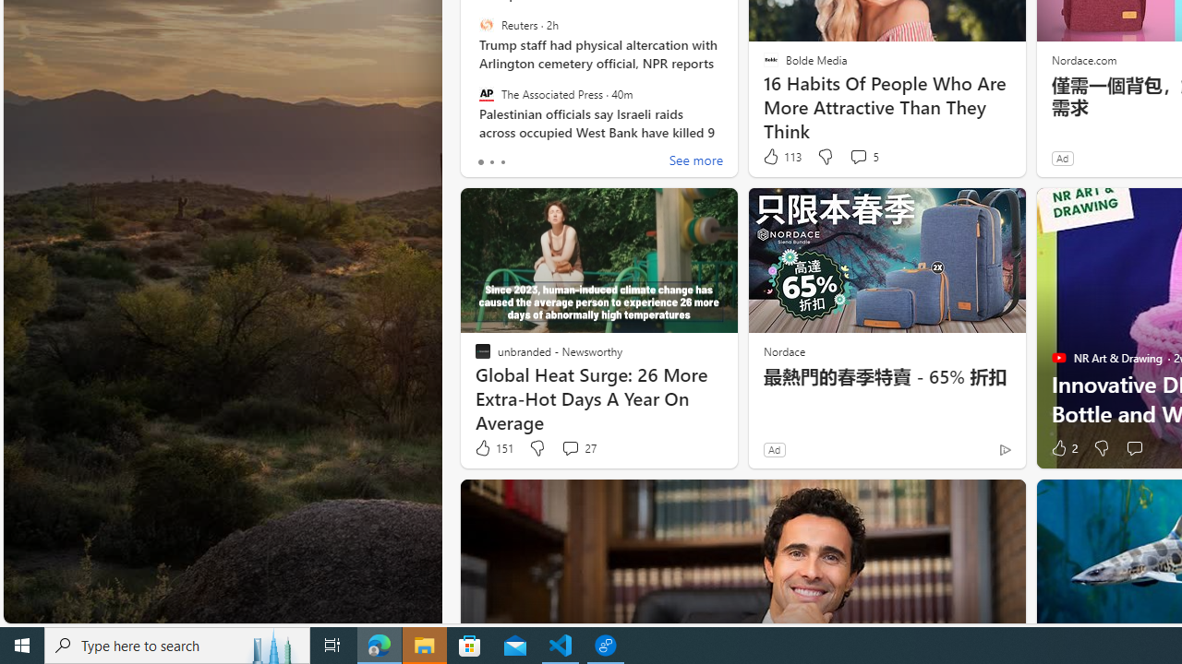  What do you see at coordinates (1083, 58) in the screenshot?
I see `'Nordace.com'` at bounding box center [1083, 58].